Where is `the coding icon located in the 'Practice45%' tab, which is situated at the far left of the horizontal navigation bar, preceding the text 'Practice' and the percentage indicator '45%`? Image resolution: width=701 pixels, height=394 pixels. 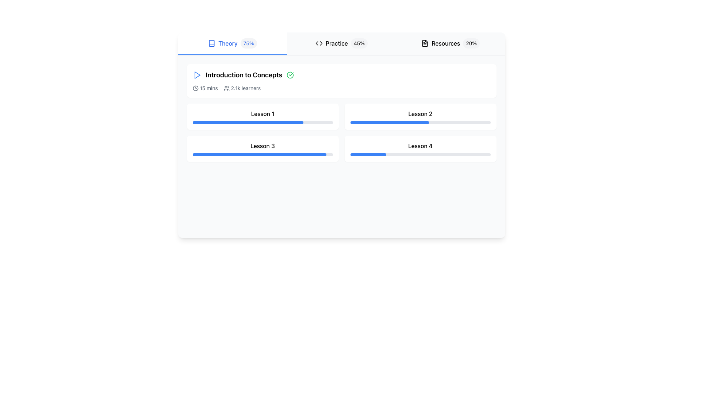
the coding icon located in the 'Practice45%' tab, which is situated at the far left of the horizontal navigation bar, preceding the text 'Practice' and the percentage indicator '45% is located at coordinates (319, 43).